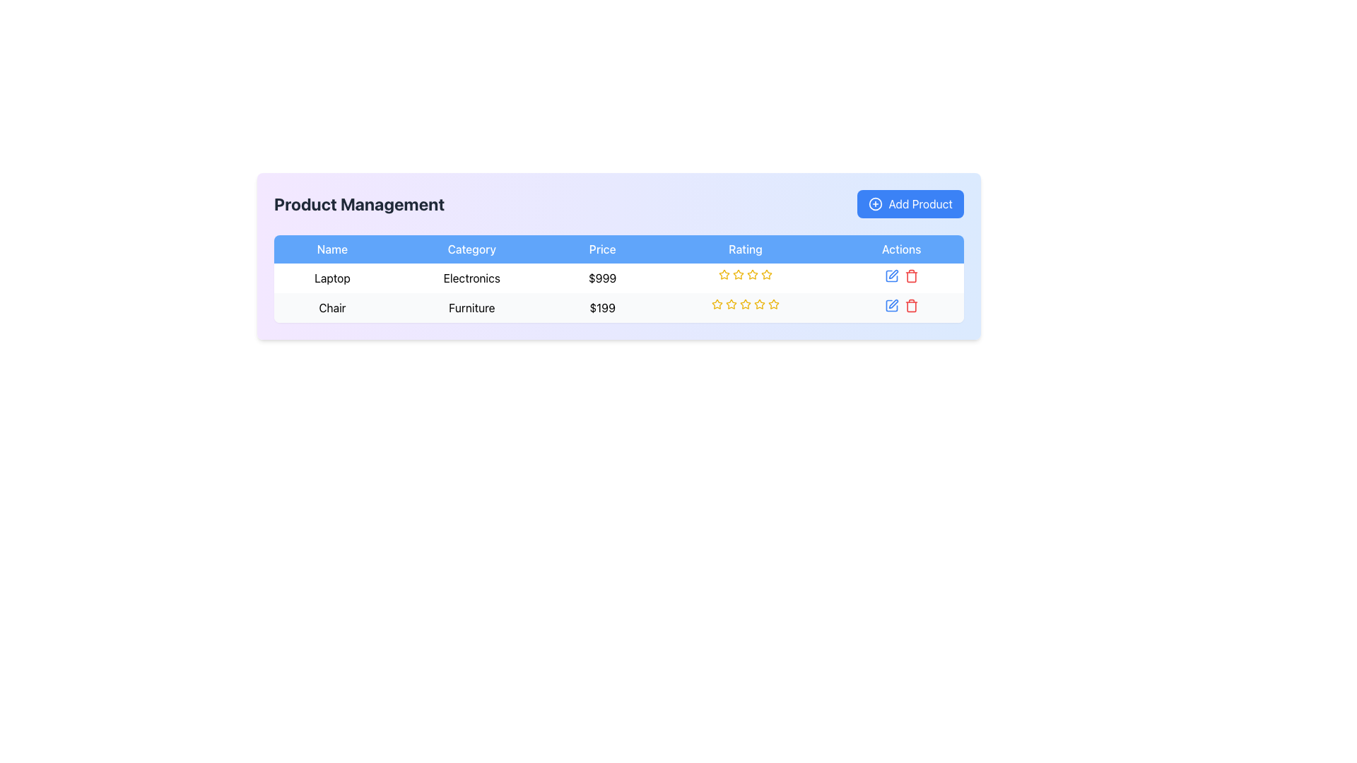  I want to click on the plus sign icon within the circular outline located at the left side of the 'Add Product' button in the top-right corner of the interface, so click(875, 204).